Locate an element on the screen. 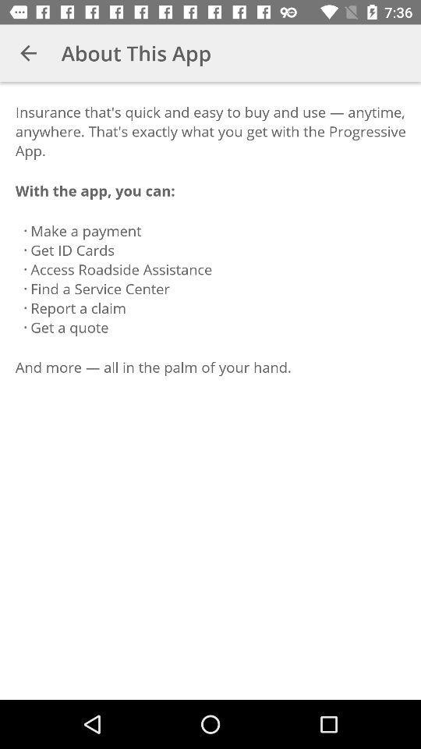 This screenshot has width=421, height=749. item above the insurance that s icon is located at coordinates (28, 53).